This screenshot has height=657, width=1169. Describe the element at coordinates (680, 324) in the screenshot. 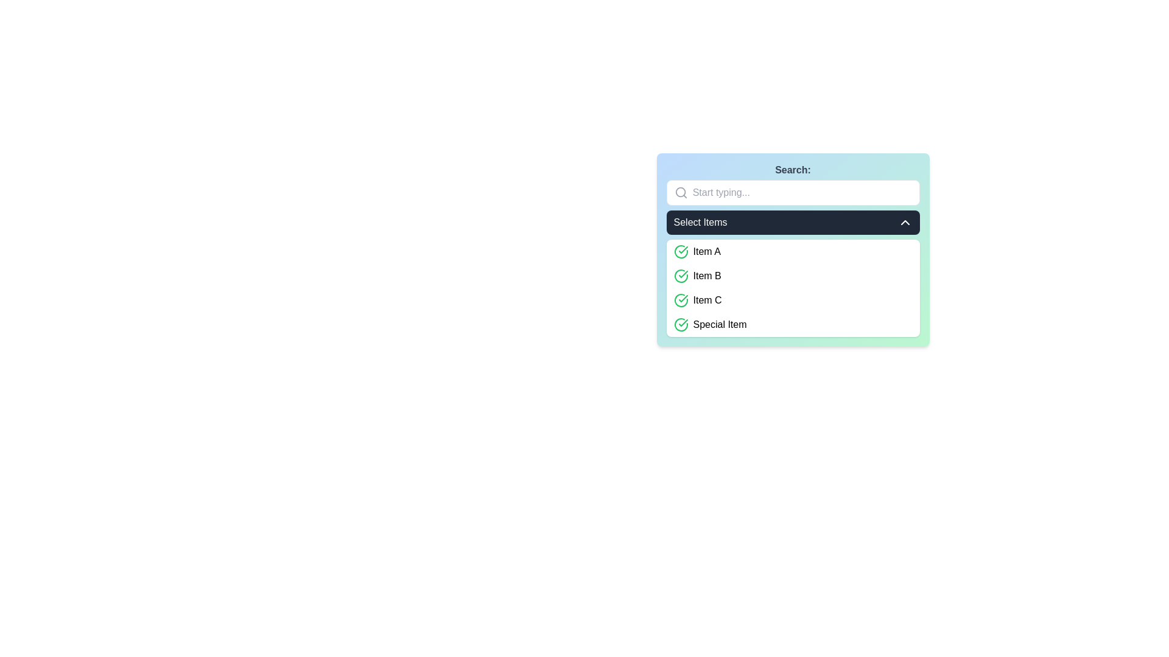

I see `the decorative graphic icon representing an interactive functionality near the 'Select Items' list` at that location.